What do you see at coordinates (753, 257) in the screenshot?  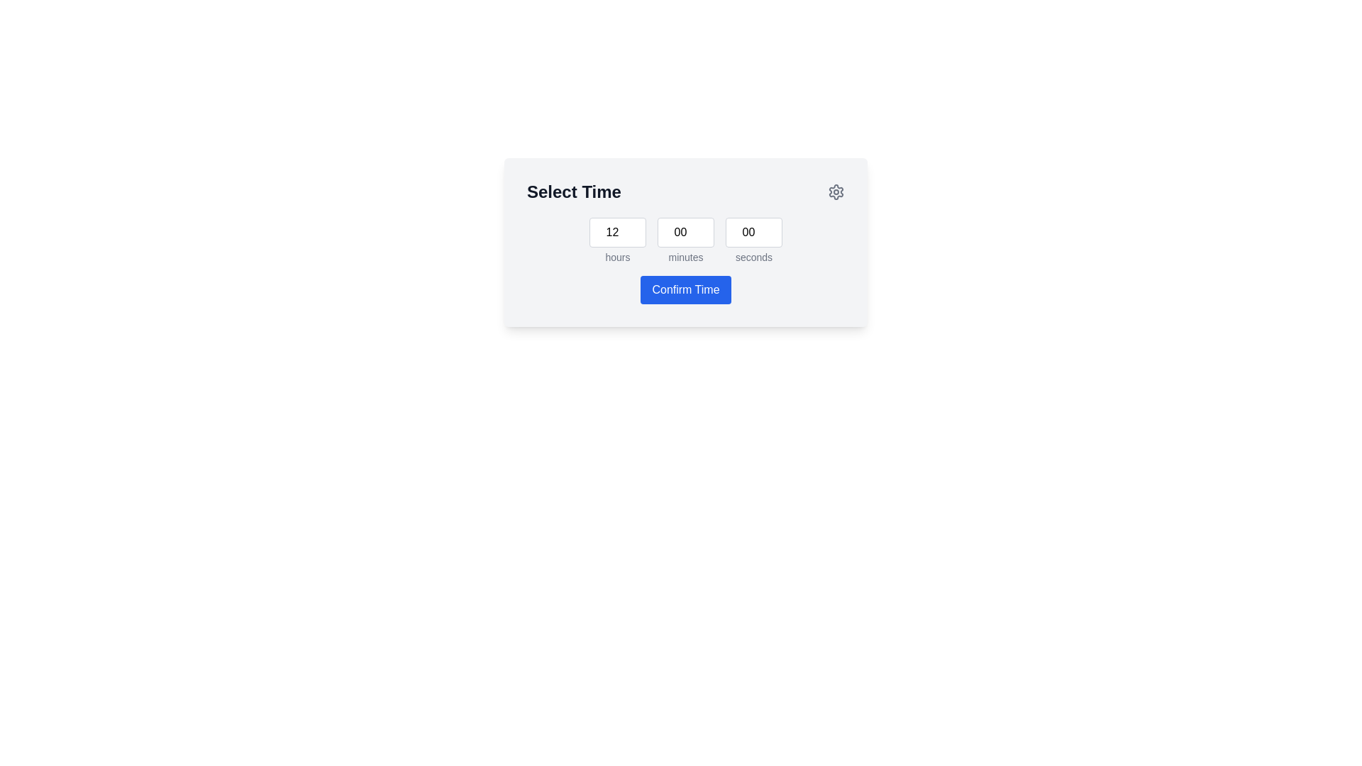 I see `the Text label that provides context for the associated numeric input field for seconds, located directly beneath the numeric input field in the horizontal time input group` at bounding box center [753, 257].